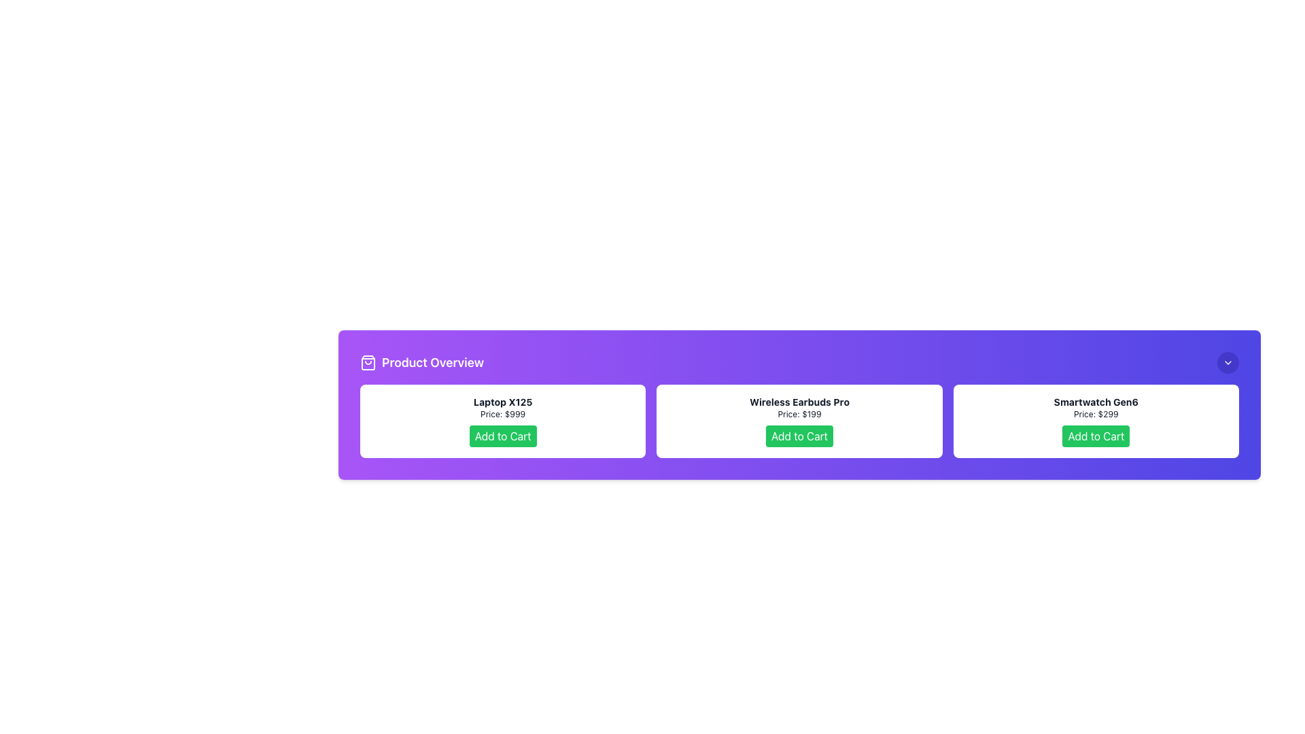  I want to click on the text label that displays the product price for 'Smartwatch Gen6', which is positioned below the product name and above the 'Add to Cart' button, so click(1096, 413).